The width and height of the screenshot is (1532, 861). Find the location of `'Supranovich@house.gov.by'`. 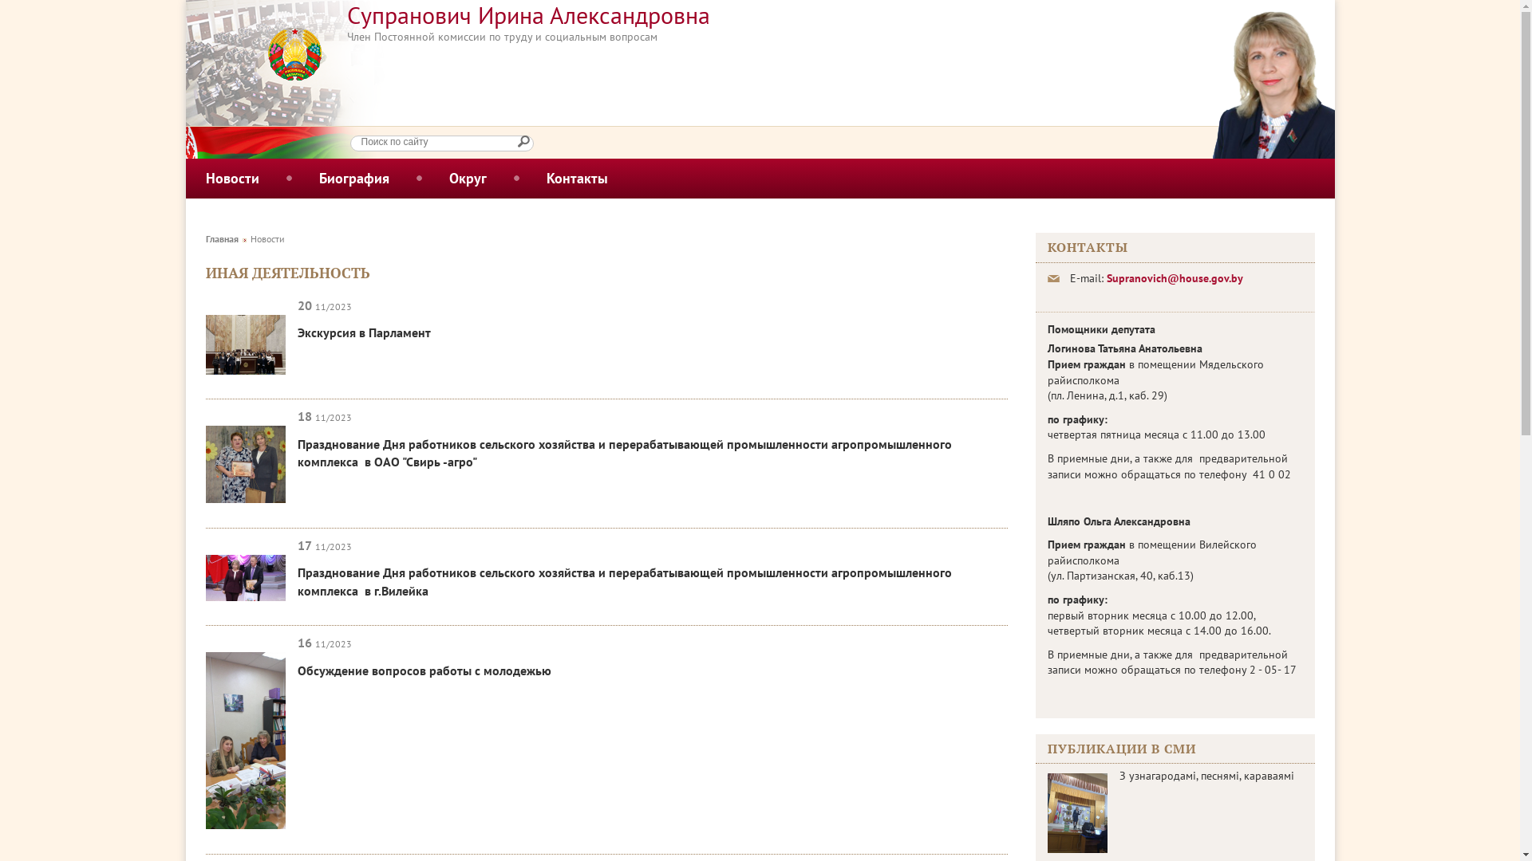

'Supranovich@house.gov.by' is located at coordinates (1174, 277).